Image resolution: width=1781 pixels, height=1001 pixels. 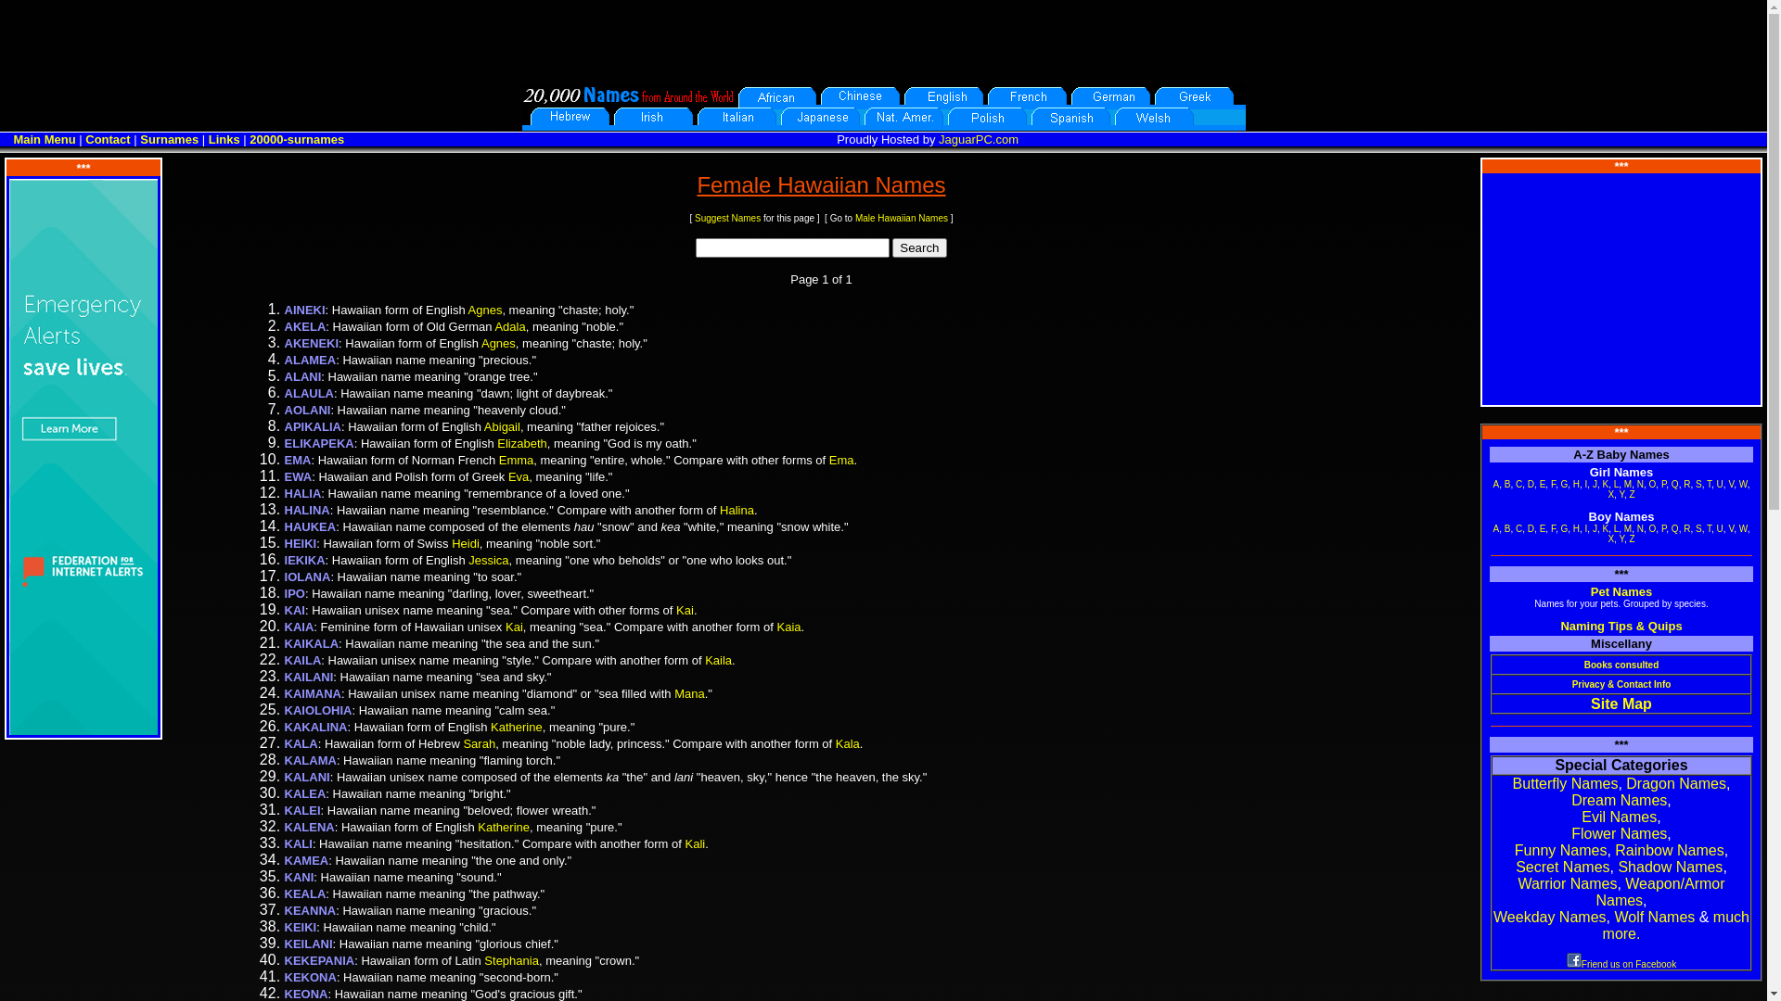 What do you see at coordinates (1496, 483) in the screenshot?
I see `'A'` at bounding box center [1496, 483].